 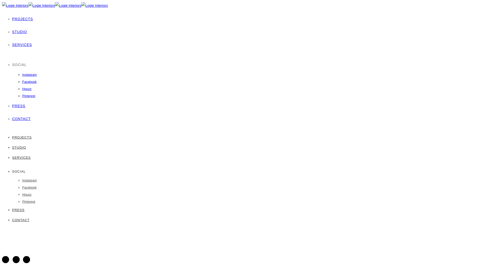 I want to click on 'STUDIO', so click(x=12, y=32).